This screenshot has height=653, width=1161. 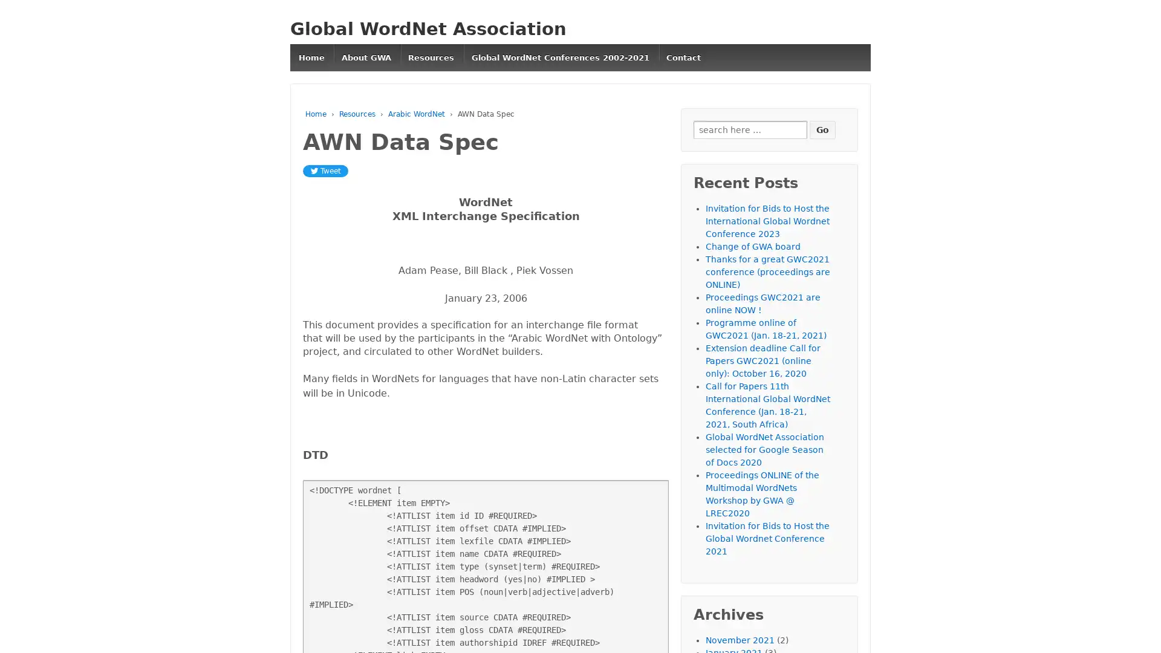 I want to click on Go, so click(x=822, y=129).